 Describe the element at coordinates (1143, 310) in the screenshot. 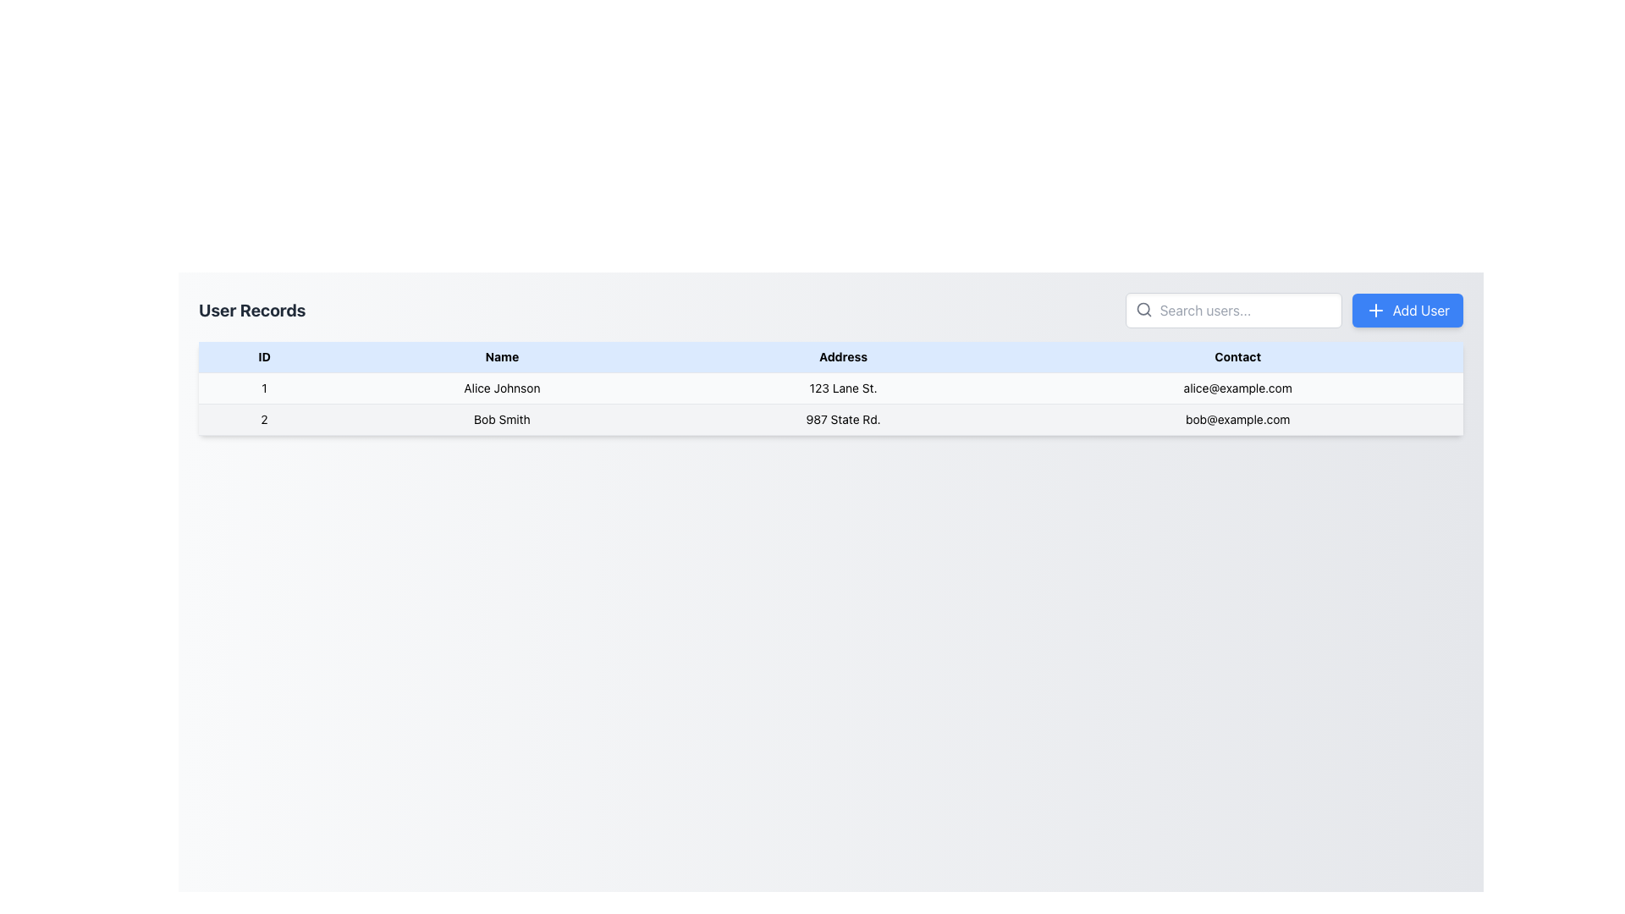

I see `the search SVG Icon, which is located inside the search input box at the top-right of the interface, next to the placeholder text 'Search users...'` at that location.